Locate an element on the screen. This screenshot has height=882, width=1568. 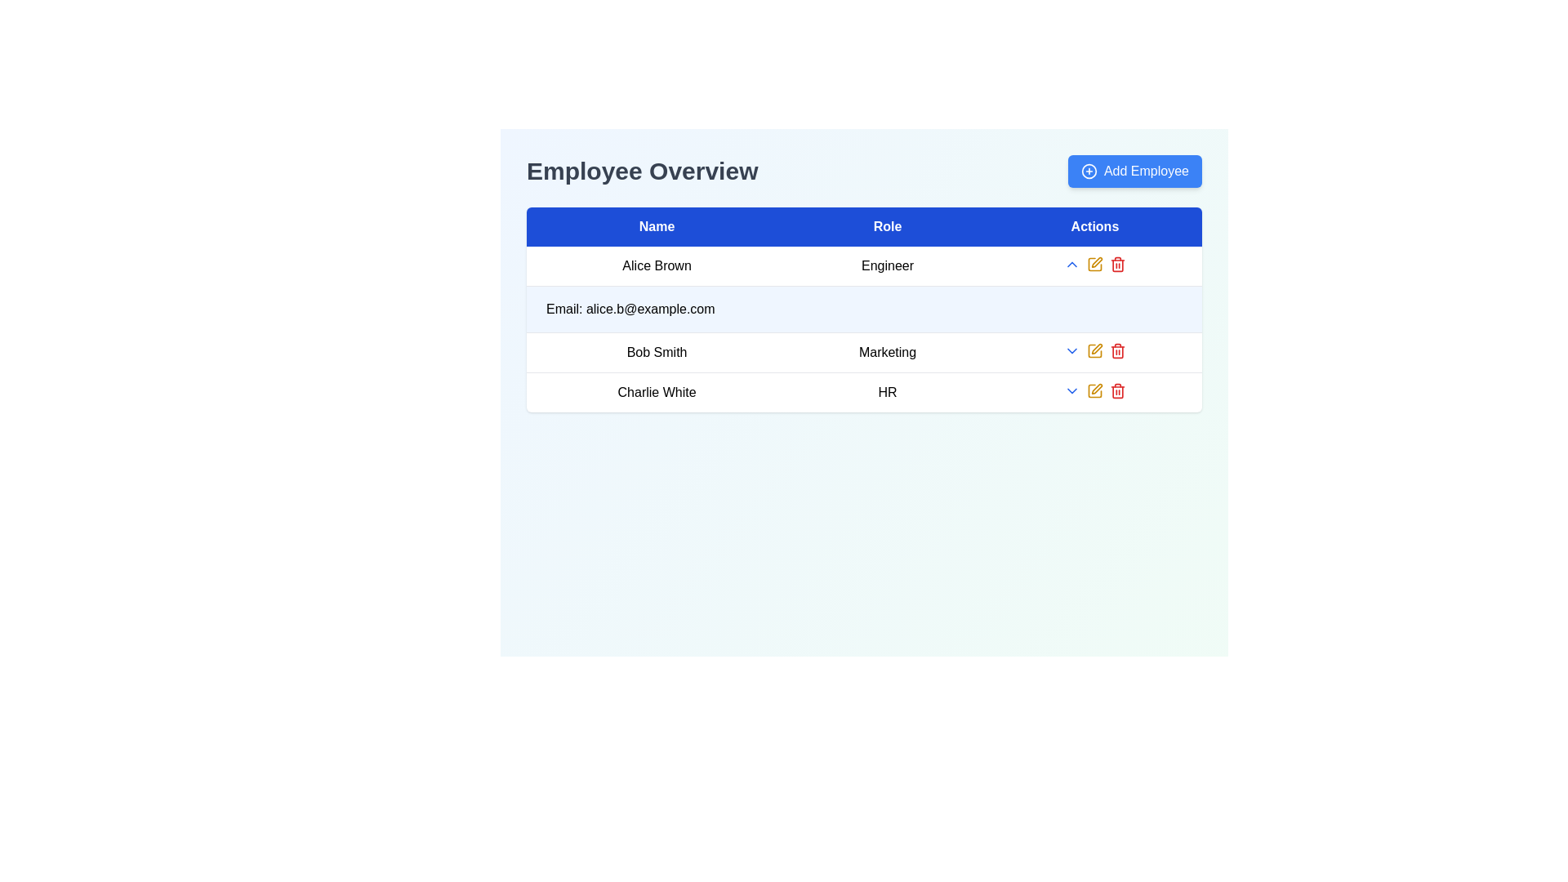
the trash bin icon, which is a vertical rectangle with rounded corners, located in the 'Actions' column of the second row in the table is located at coordinates (1116, 265).